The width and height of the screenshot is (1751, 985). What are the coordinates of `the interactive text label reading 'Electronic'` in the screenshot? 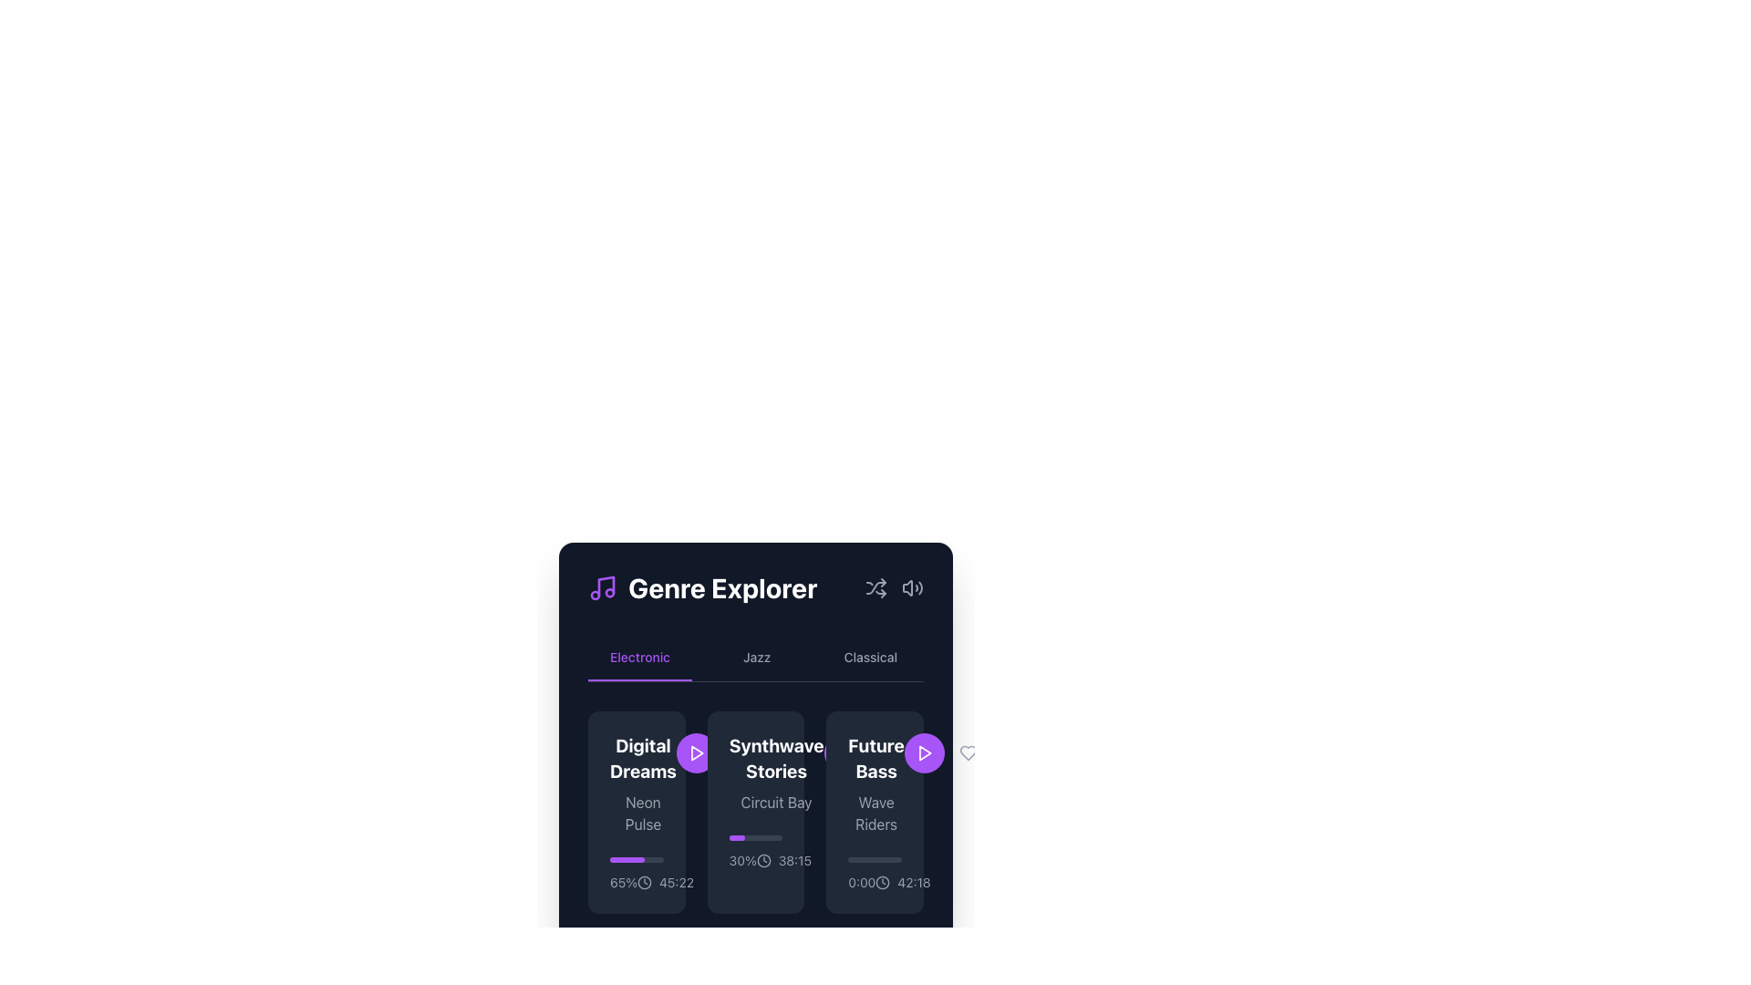 It's located at (639, 658).